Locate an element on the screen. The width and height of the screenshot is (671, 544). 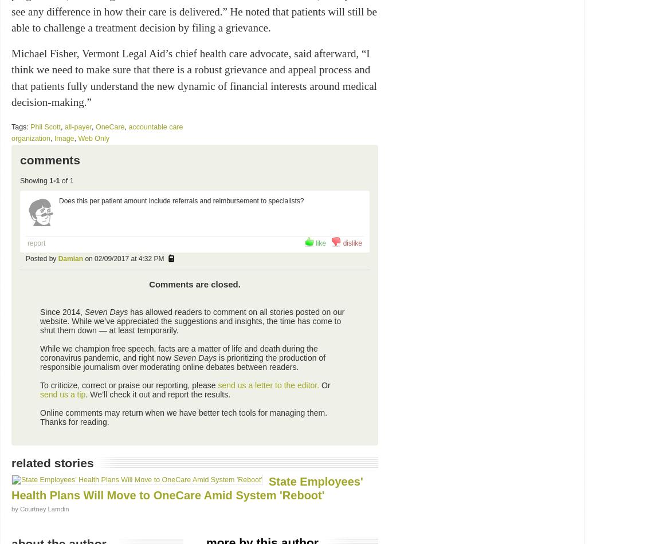
'accountable care organization' is located at coordinates (11, 132).